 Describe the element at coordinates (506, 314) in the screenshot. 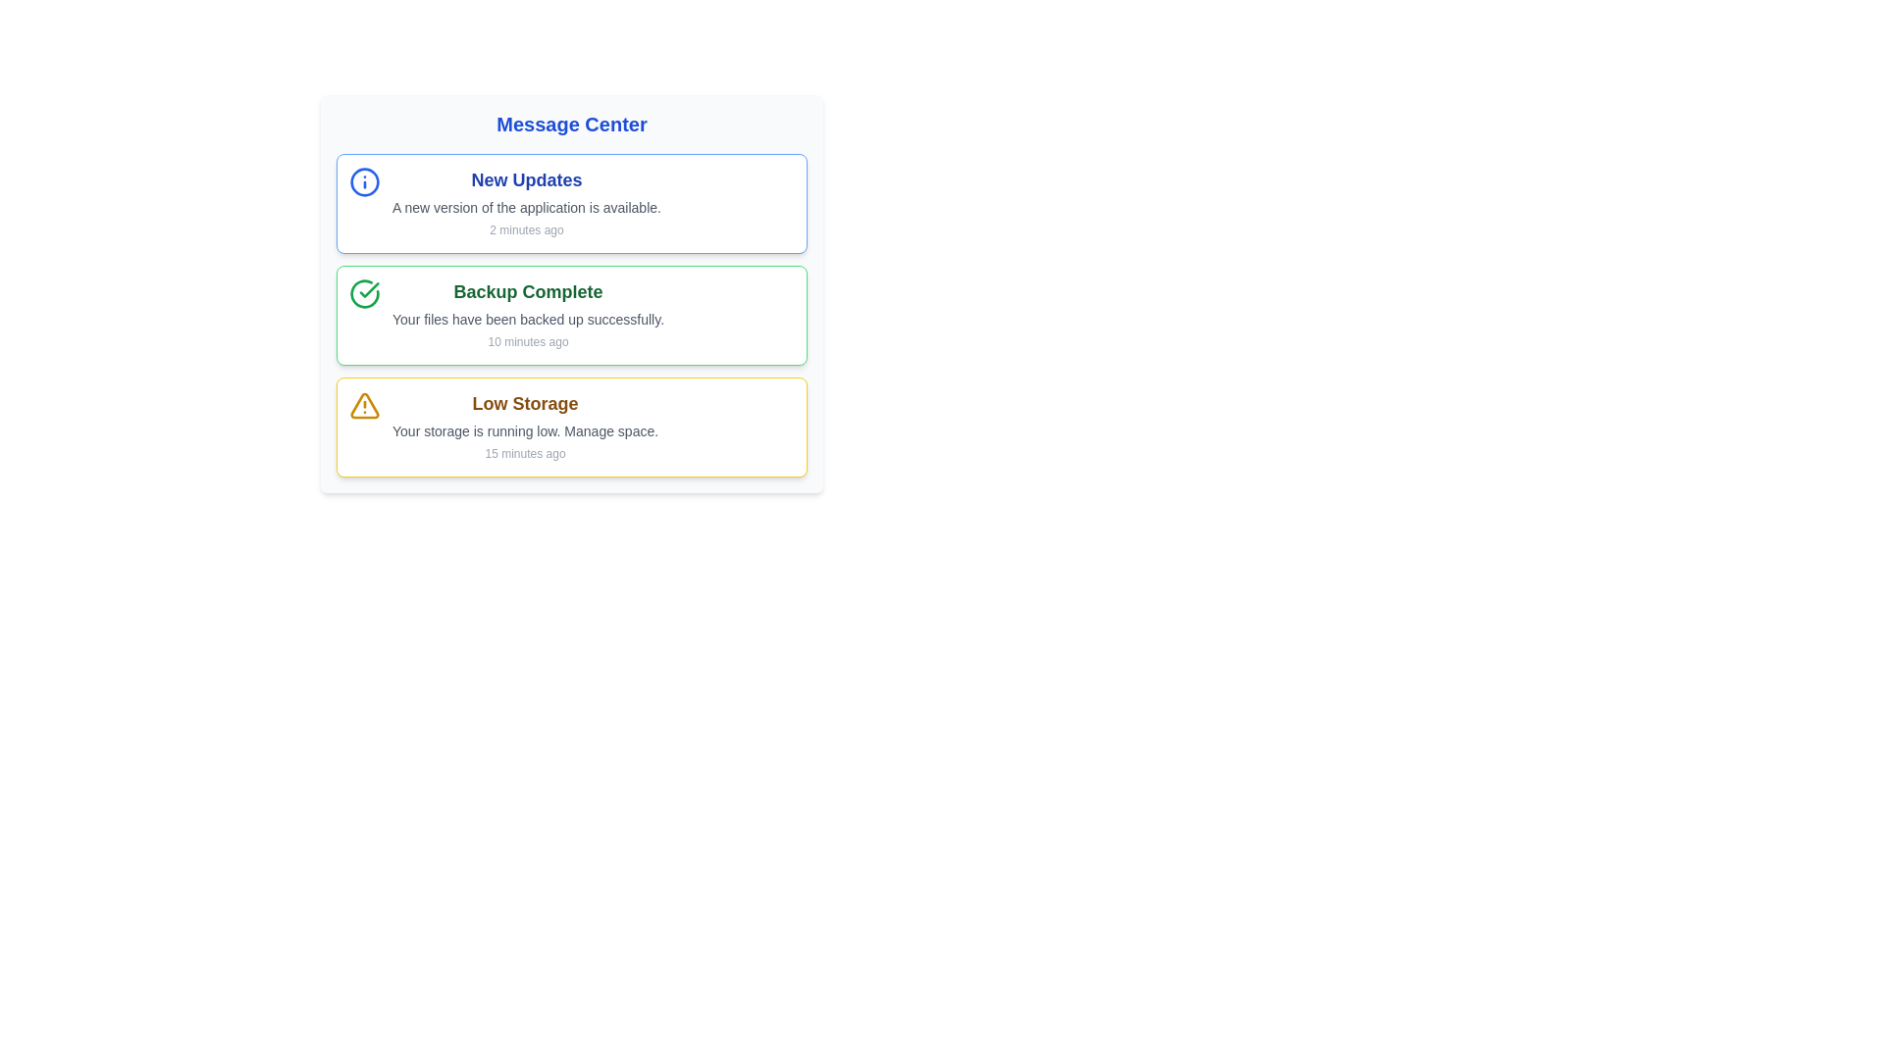

I see `information displayed on the Notification card which indicates 'Backup Complete', 'Your files have been backed up successfully.', and '10 minutes ago'. This is the second notification in the message center UI, located below 'New Updates' and above 'Low Storage'` at that location.